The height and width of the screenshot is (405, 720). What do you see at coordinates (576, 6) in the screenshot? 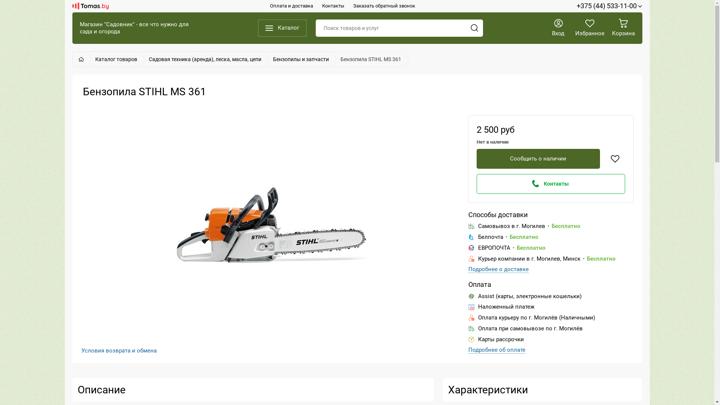
I see `'+375 (44) 533-11-00'` at bounding box center [576, 6].